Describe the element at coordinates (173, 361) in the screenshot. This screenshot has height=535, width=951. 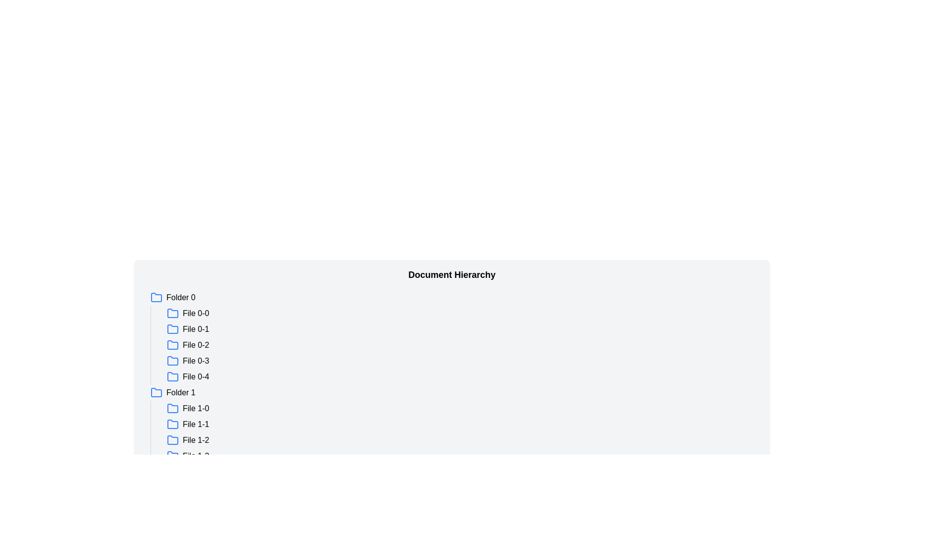
I see `the folder icon with a blue border representing 'File 0-3'` at that location.